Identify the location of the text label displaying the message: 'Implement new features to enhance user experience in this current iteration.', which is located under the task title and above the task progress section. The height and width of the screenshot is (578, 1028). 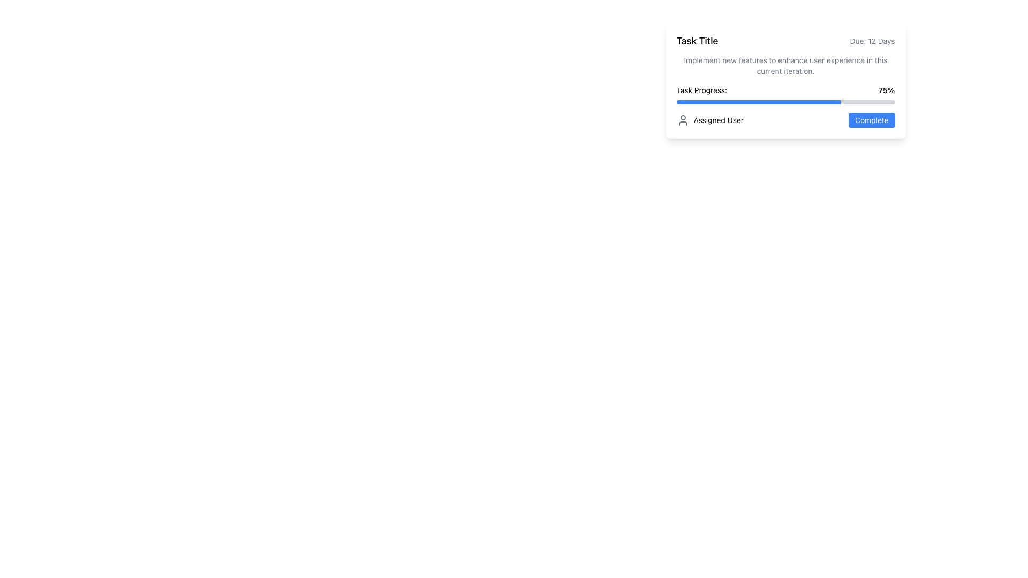
(785, 66).